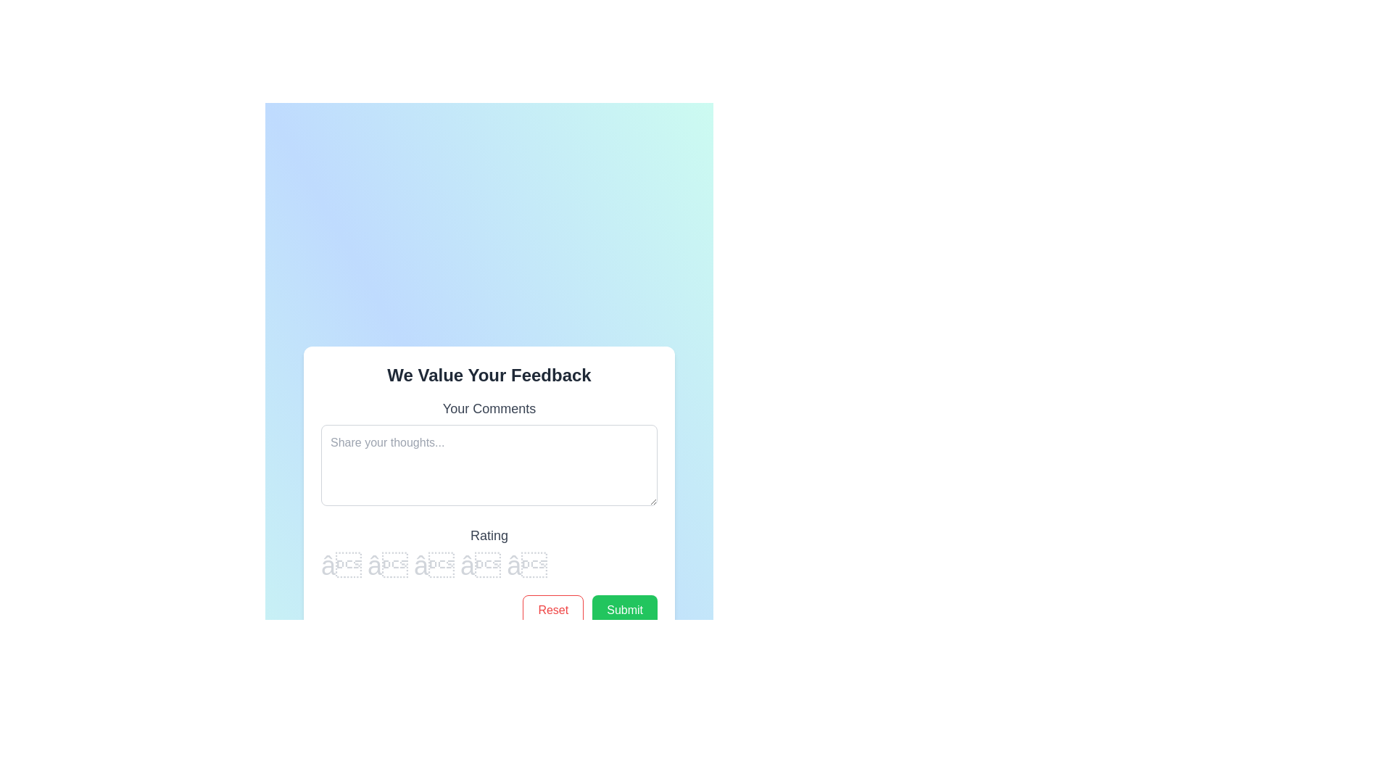  What do you see at coordinates (489, 552) in the screenshot?
I see `the third star in the Rating star interface` at bounding box center [489, 552].